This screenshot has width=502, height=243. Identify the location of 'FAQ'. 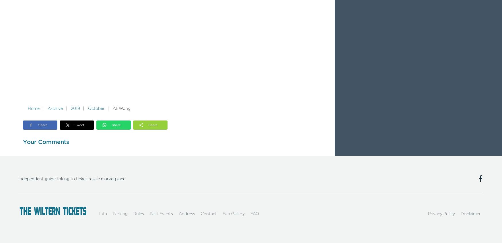
(250, 214).